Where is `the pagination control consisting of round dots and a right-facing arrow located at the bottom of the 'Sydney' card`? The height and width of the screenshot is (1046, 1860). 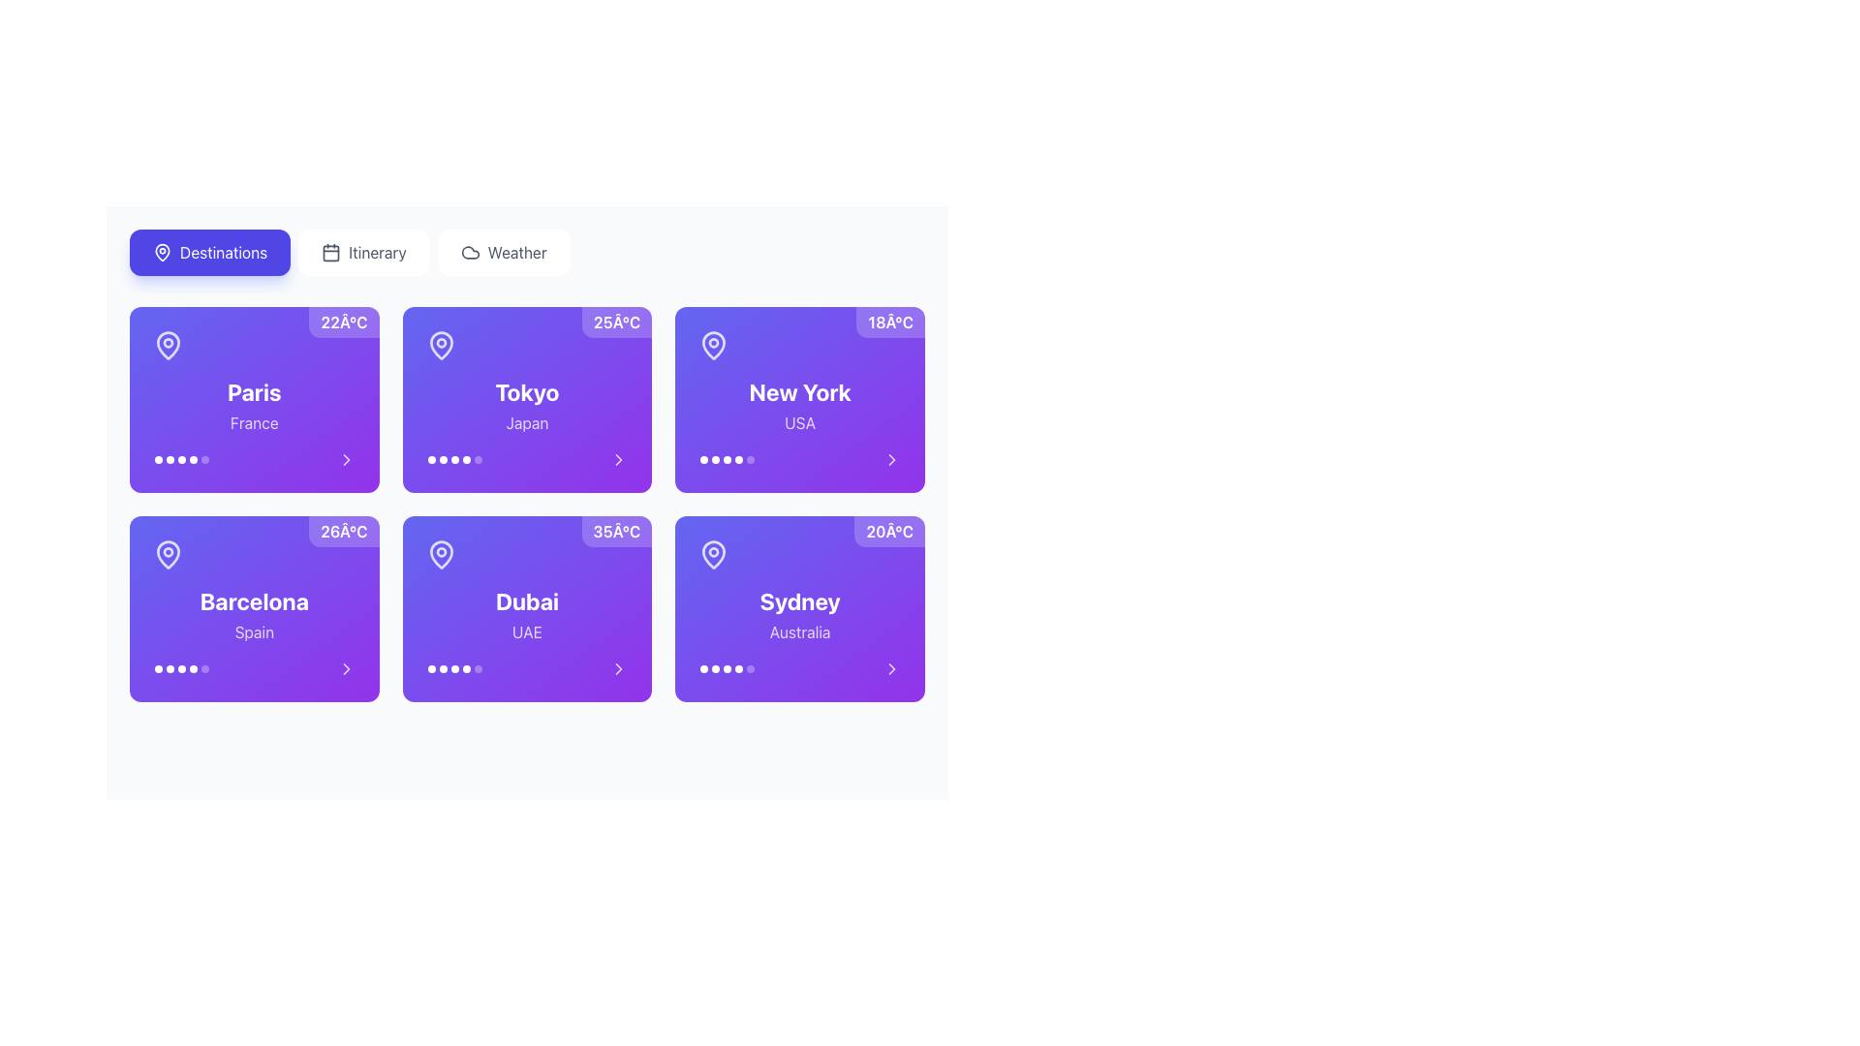
the pagination control consisting of round dots and a right-facing arrow located at the bottom of the 'Sydney' card is located at coordinates (800, 667).